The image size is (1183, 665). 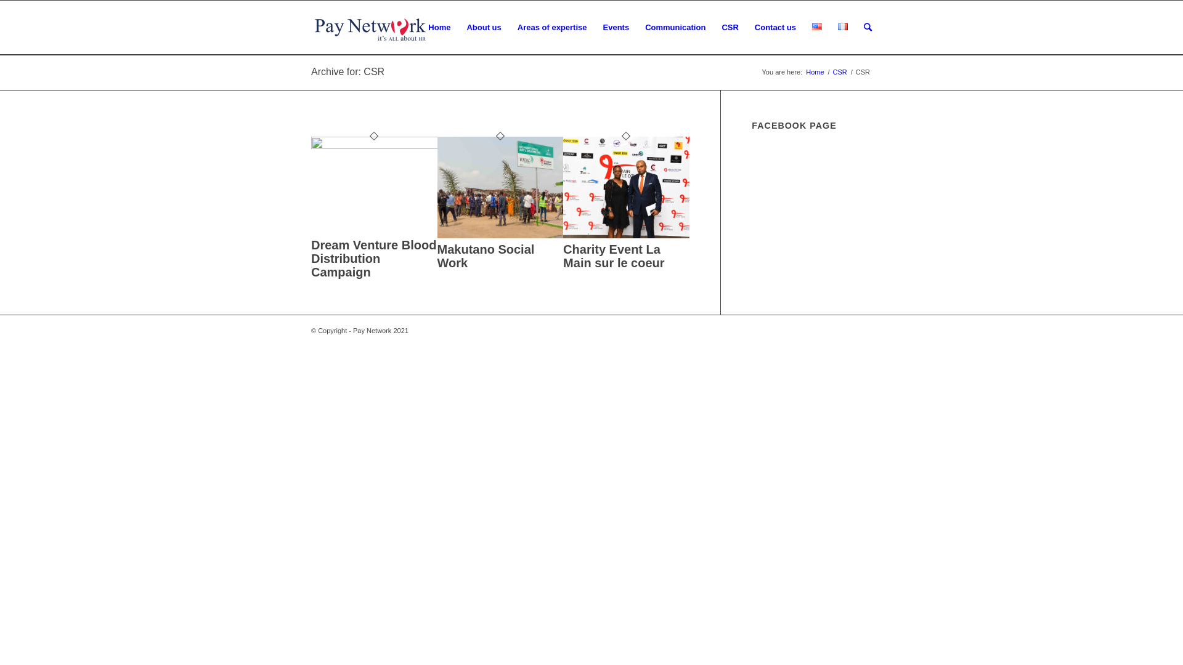 I want to click on 'Archive for: CSR', so click(x=311, y=71).